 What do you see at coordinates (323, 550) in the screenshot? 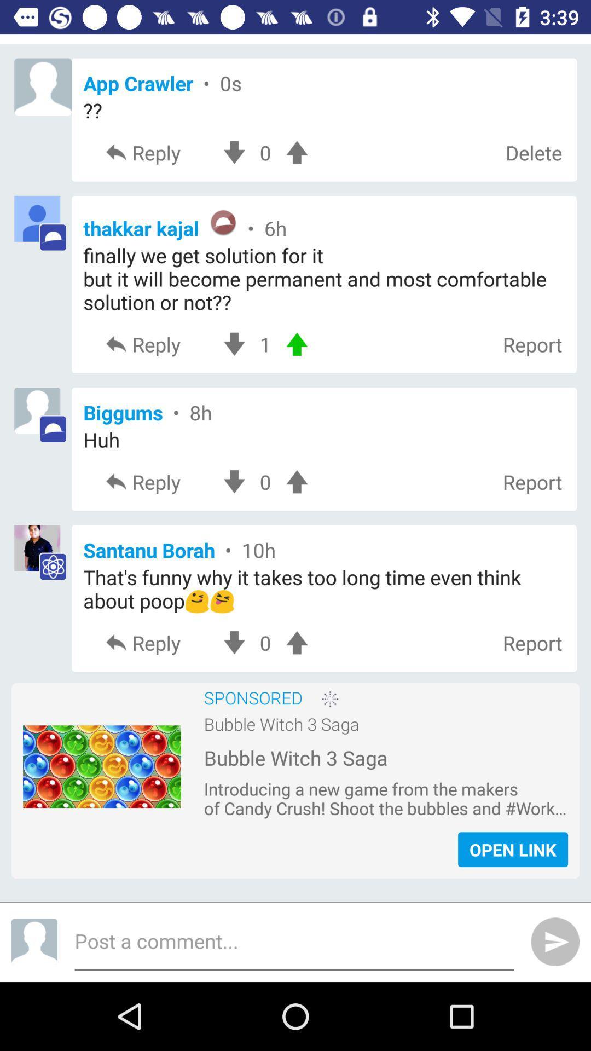
I see `the text next to the fourth image` at bounding box center [323, 550].